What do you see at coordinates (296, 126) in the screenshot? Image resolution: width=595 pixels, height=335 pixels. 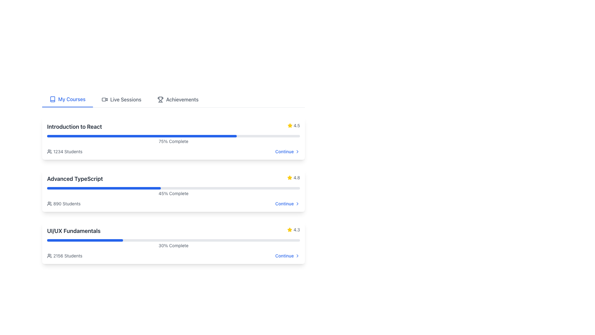 I see `user's average rating for the course displayed next to the star icon in the upper right section of the course details` at bounding box center [296, 126].